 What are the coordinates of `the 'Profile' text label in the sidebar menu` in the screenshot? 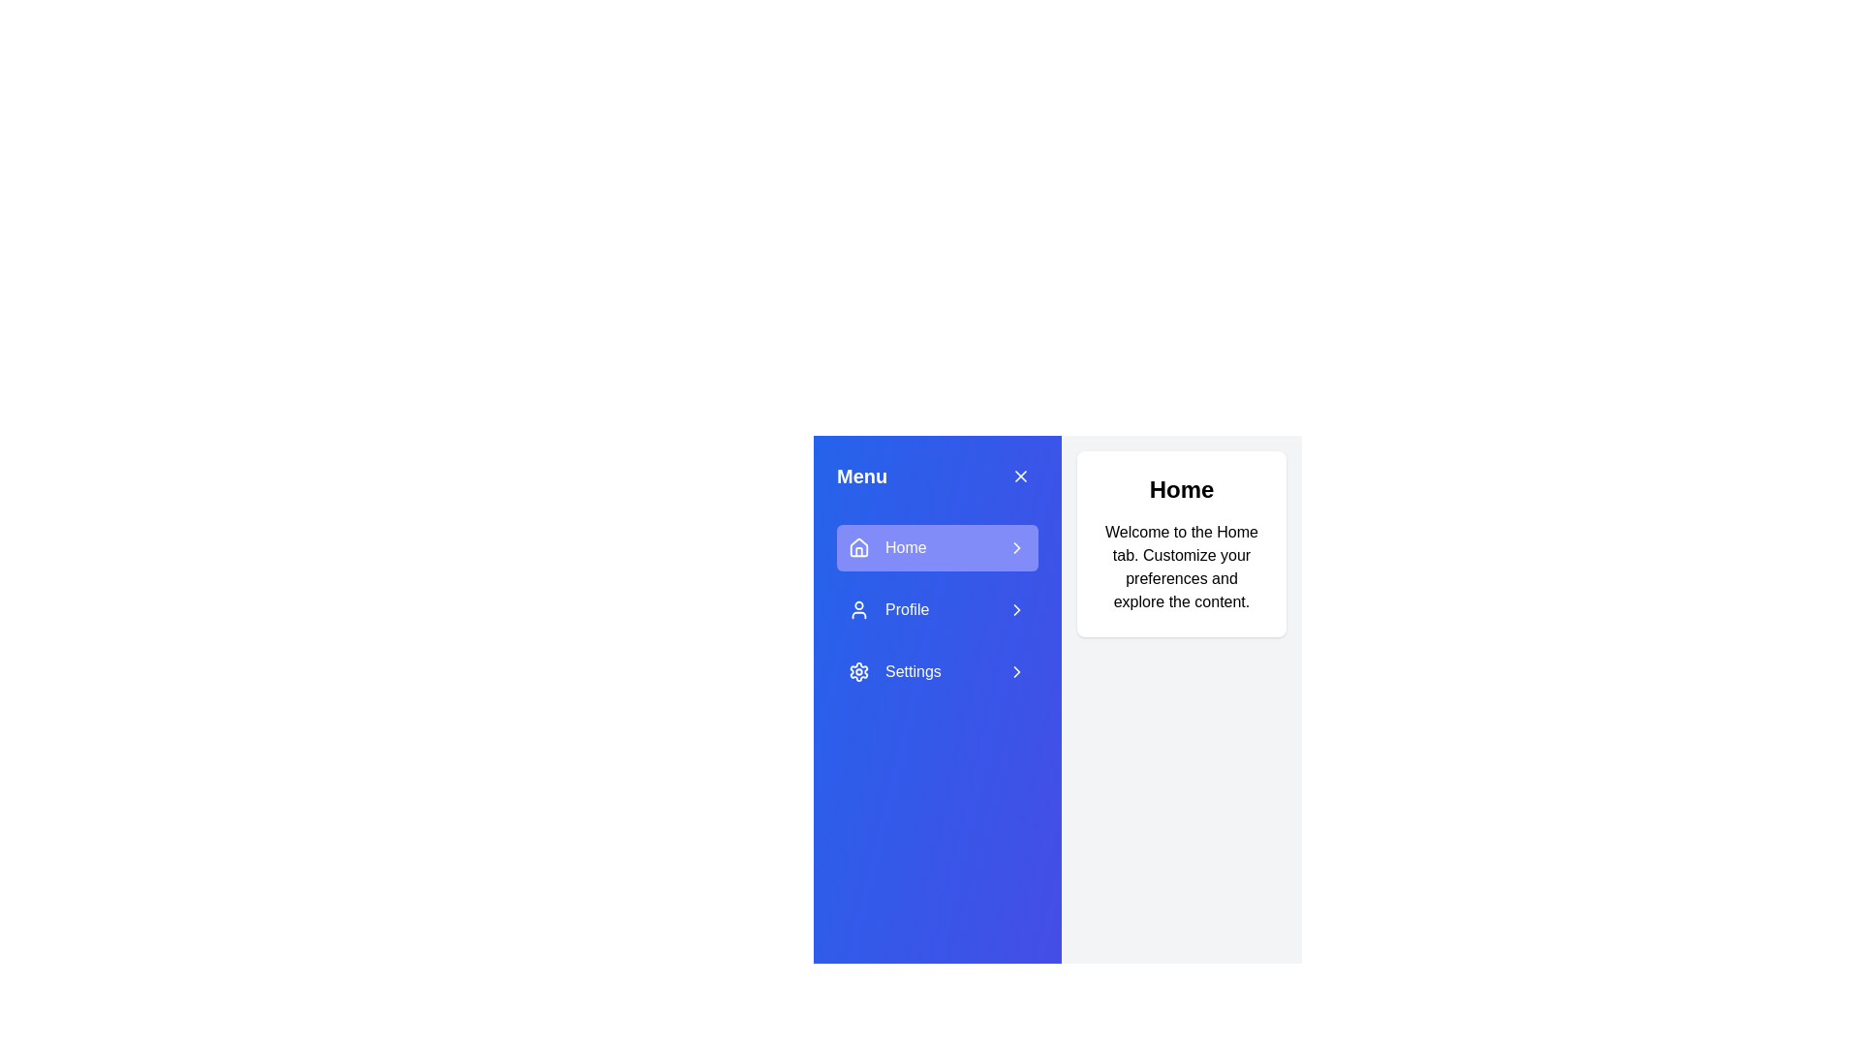 It's located at (906, 608).